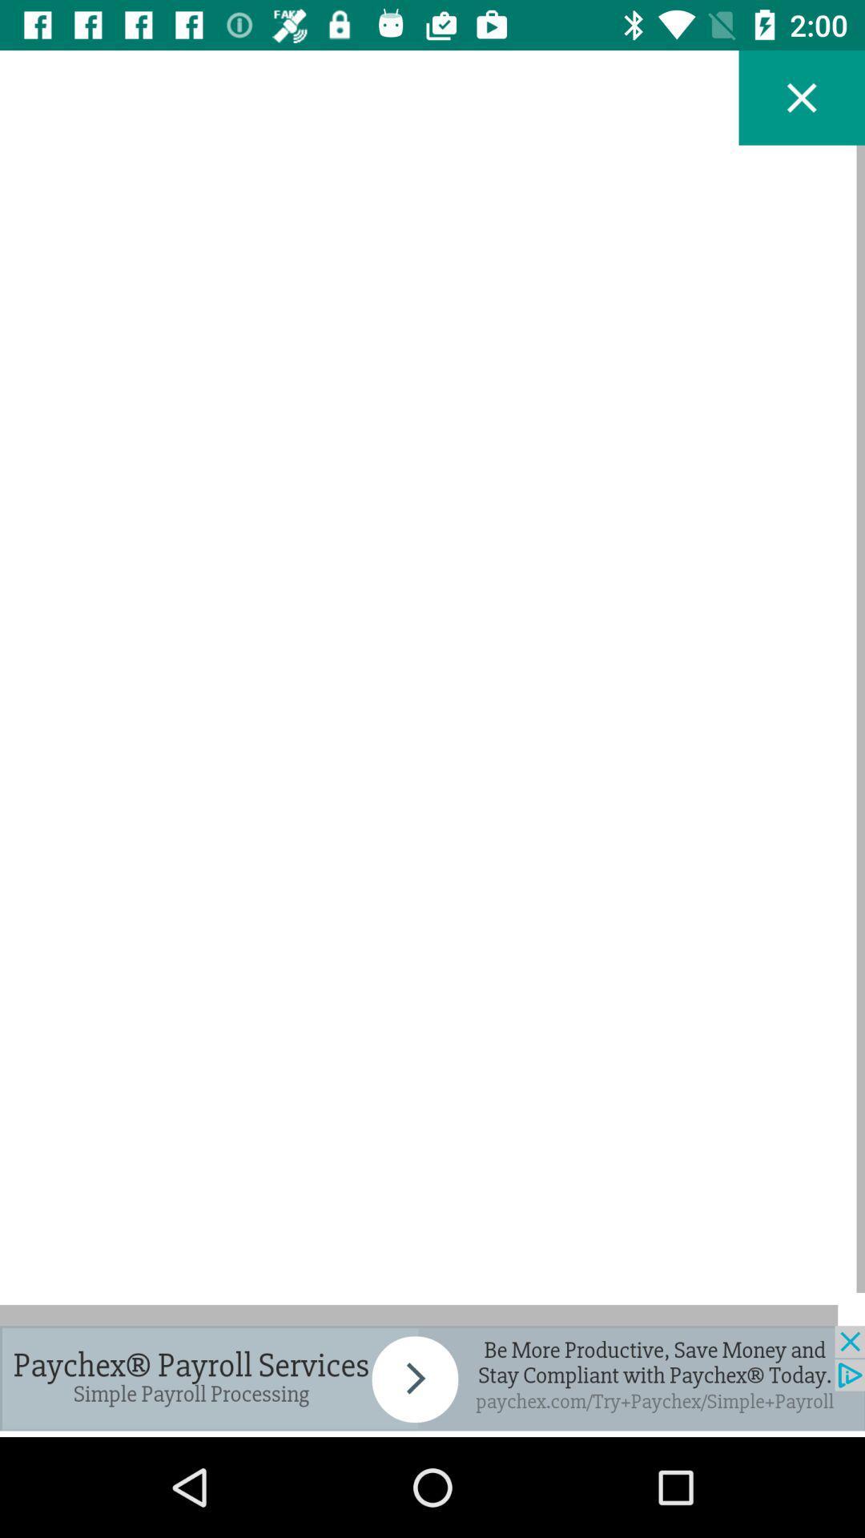 This screenshot has height=1538, width=865. What do you see at coordinates (802, 97) in the screenshot?
I see `this` at bounding box center [802, 97].